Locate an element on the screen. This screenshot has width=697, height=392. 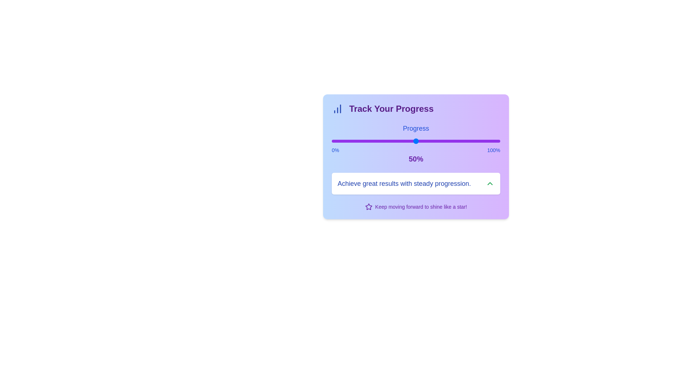
the progress value is located at coordinates (390, 141).